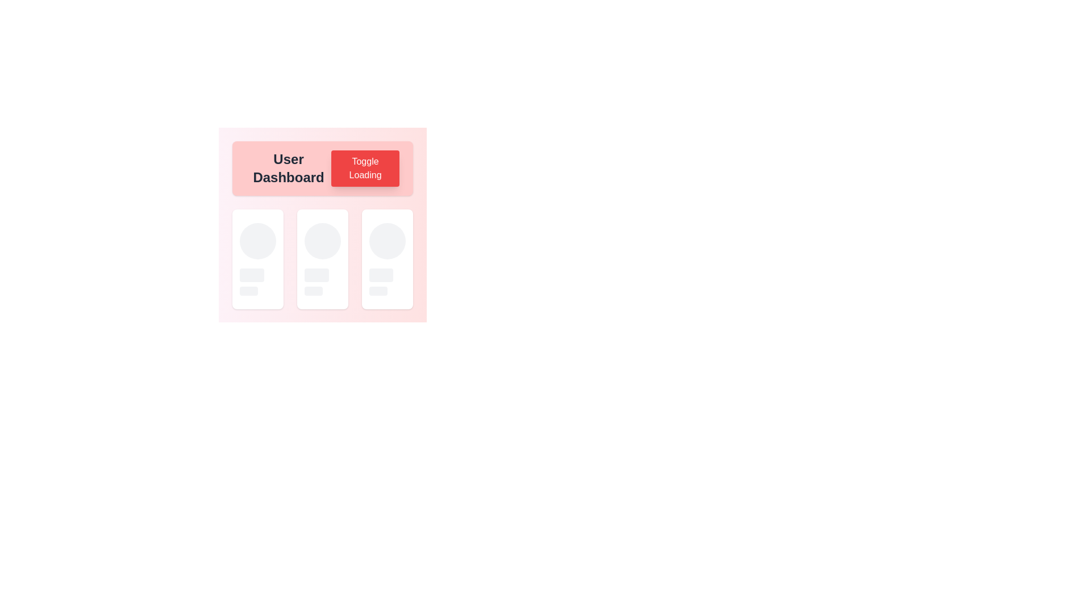  Describe the element at coordinates (257, 259) in the screenshot. I see `the first Placeholder loading component located under the 'User Dashboard' label and next to the 'Toggle Loading' red button` at that location.